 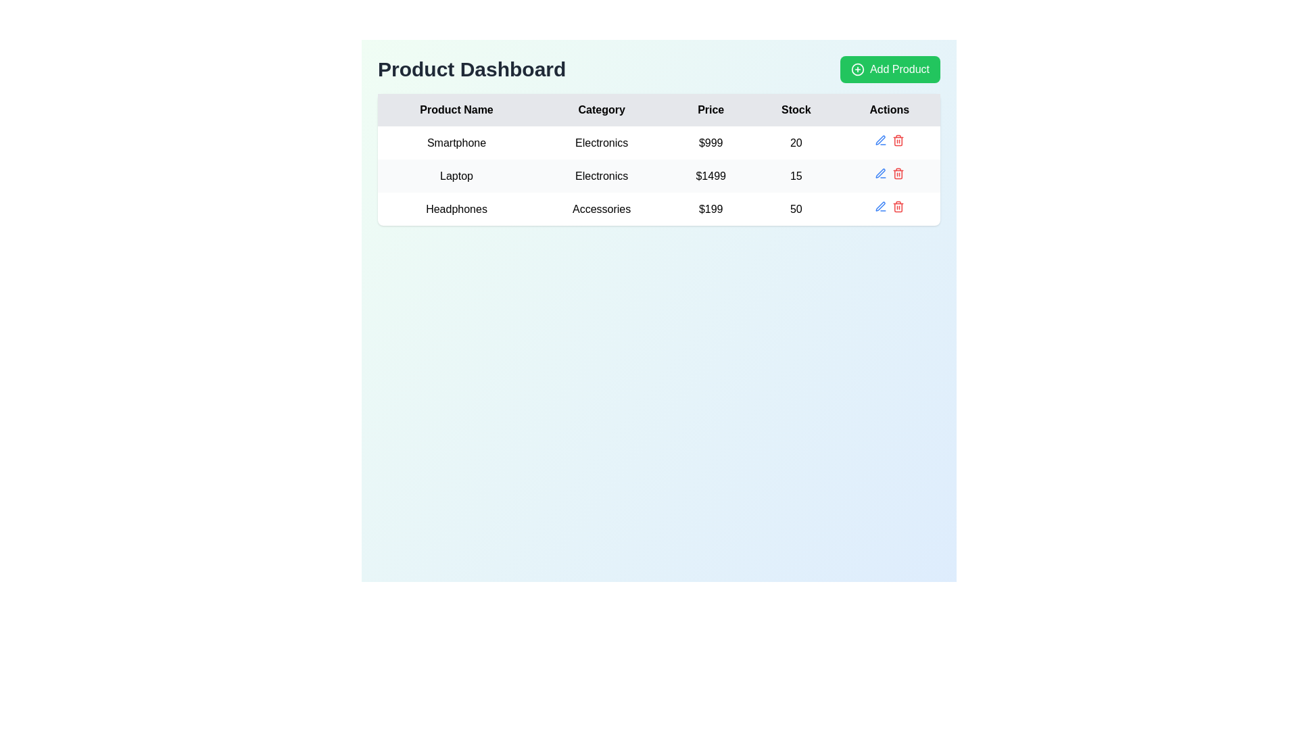 What do you see at coordinates (601, 143) in the screenshot?
I see `text content from the second text content block under the 'Category' column in the first row of the table` at bounding box center [601, 143].